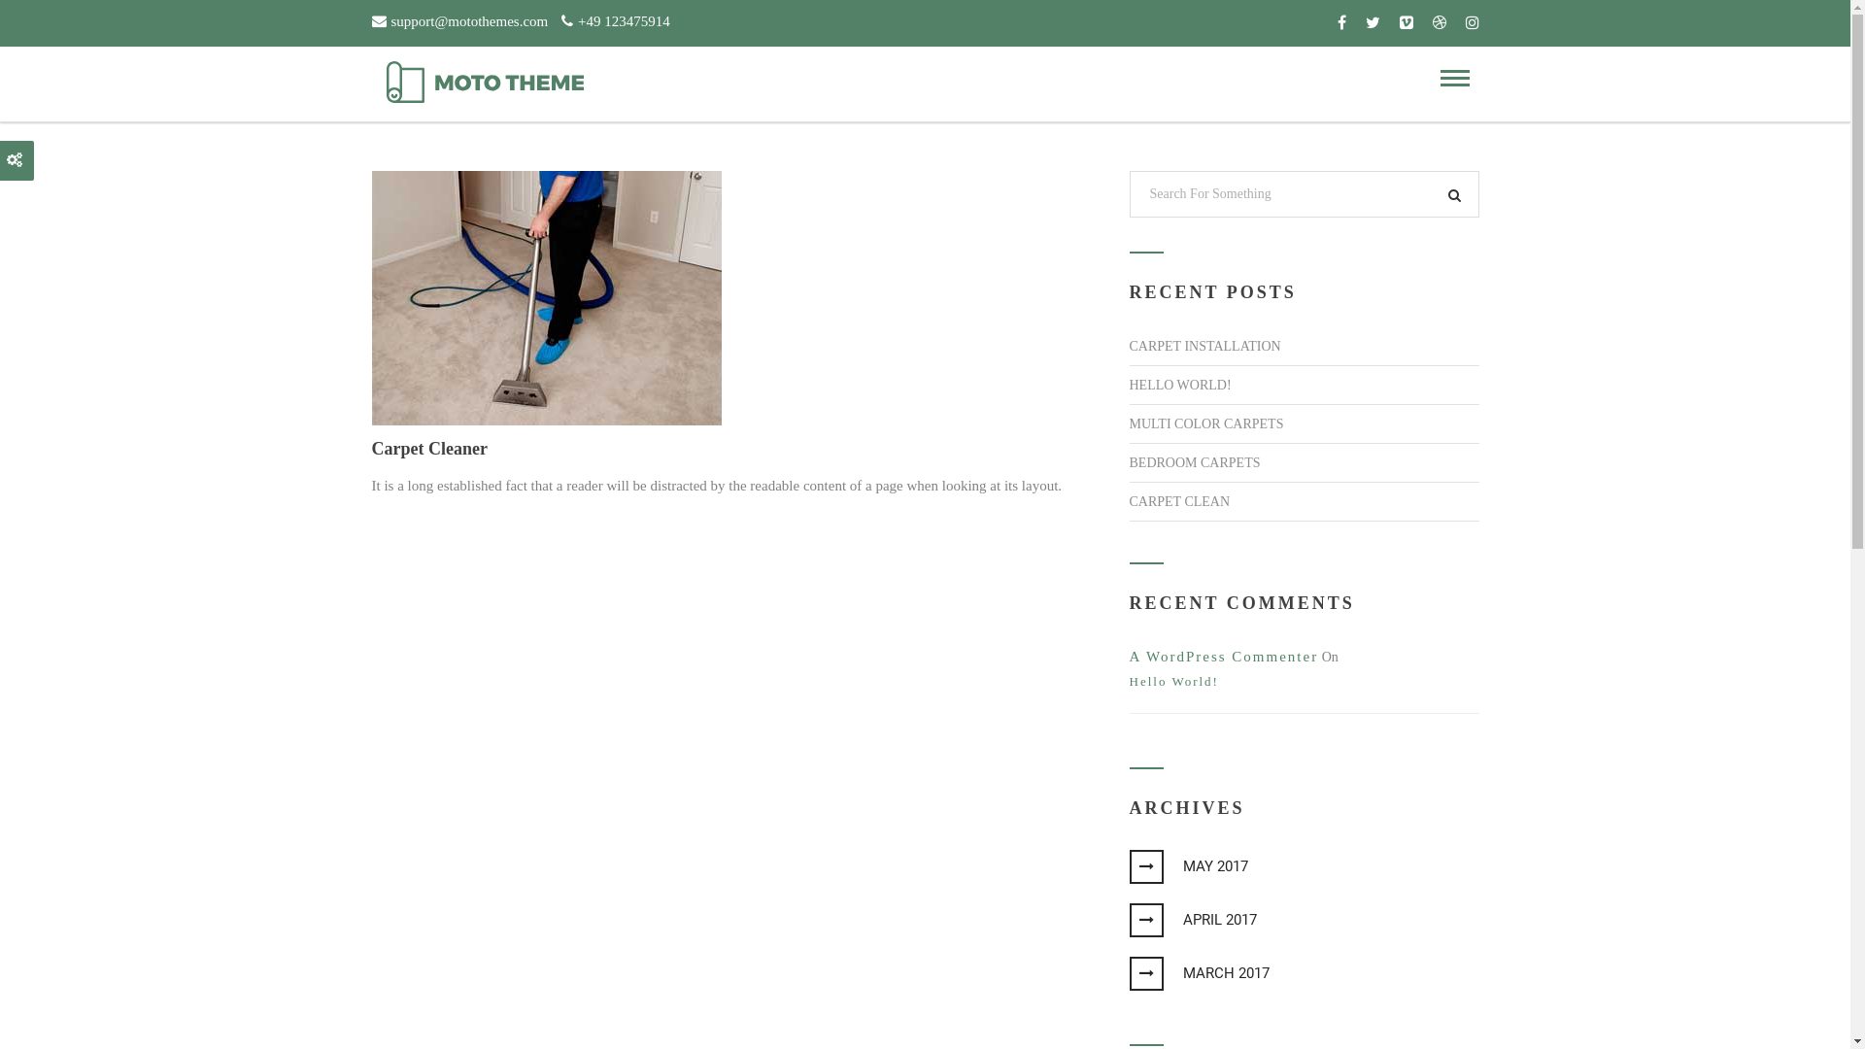 The width and height of the screenshot is (1865, 1049). Describe the element at coordinates (371, 18) in the screenshot. I see `'support@motothemes.com'` at that location.